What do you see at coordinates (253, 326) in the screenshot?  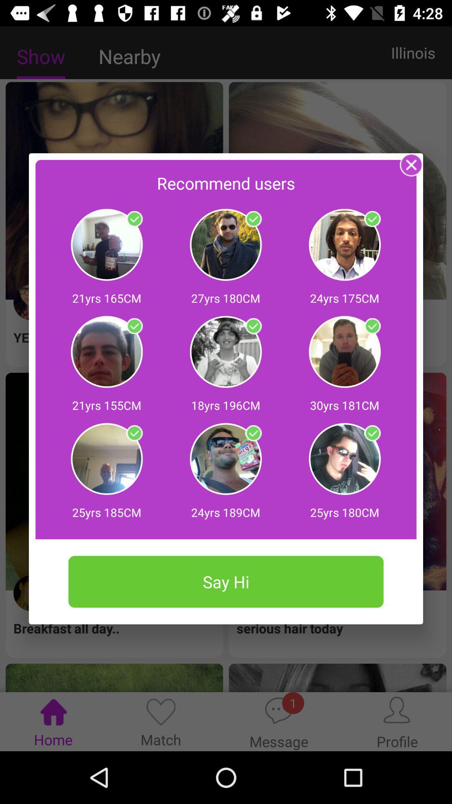 I see `button` at bounding box center [253, 326].